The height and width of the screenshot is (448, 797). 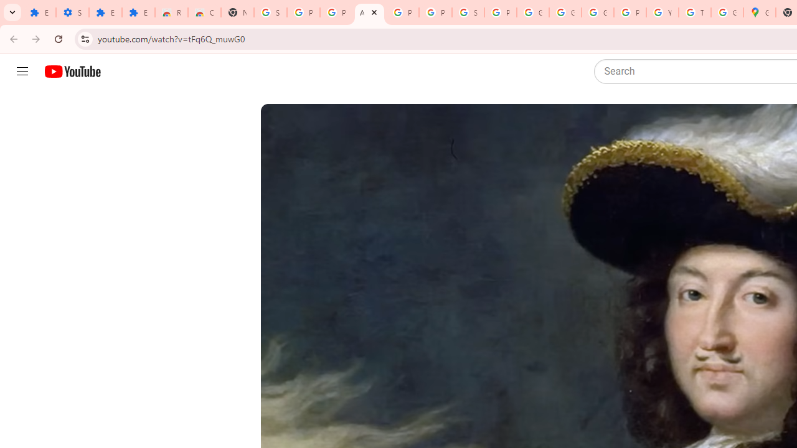 What do you see at coordinates (532, 12) in the screenshot?
I see `'Google Account'` at bounding box center [532, 12].